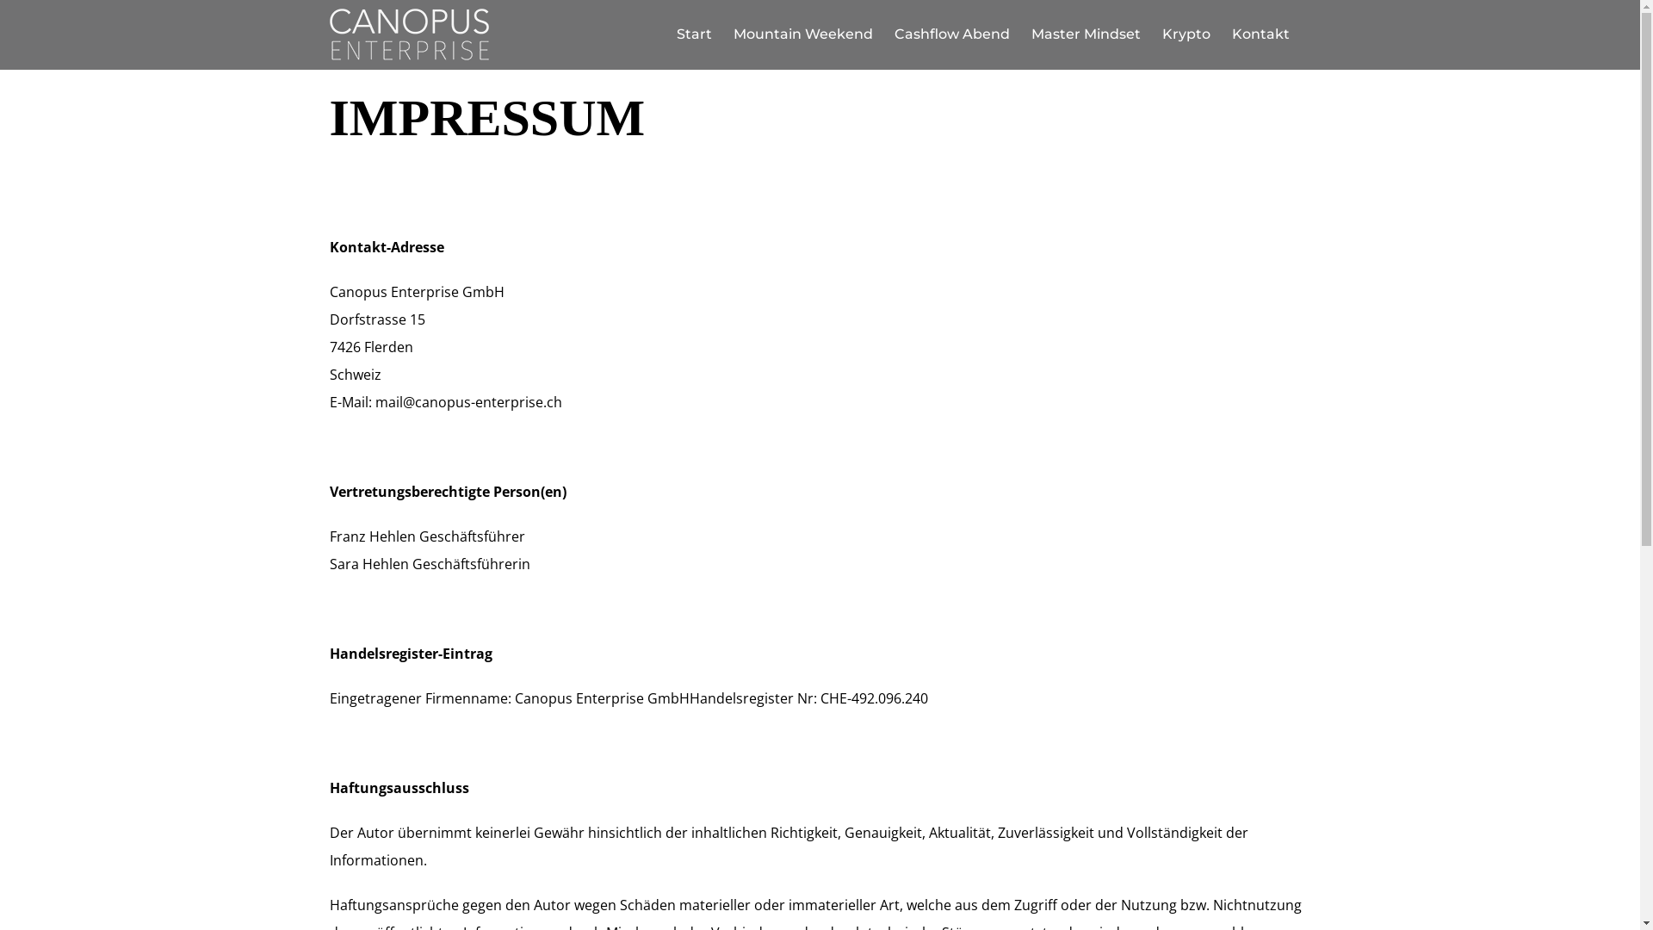 This screenshot has width=1653, height=930. Describe the element at coordinates (1185, 34) in the screenshot. I see `'Krypto'` at that location.